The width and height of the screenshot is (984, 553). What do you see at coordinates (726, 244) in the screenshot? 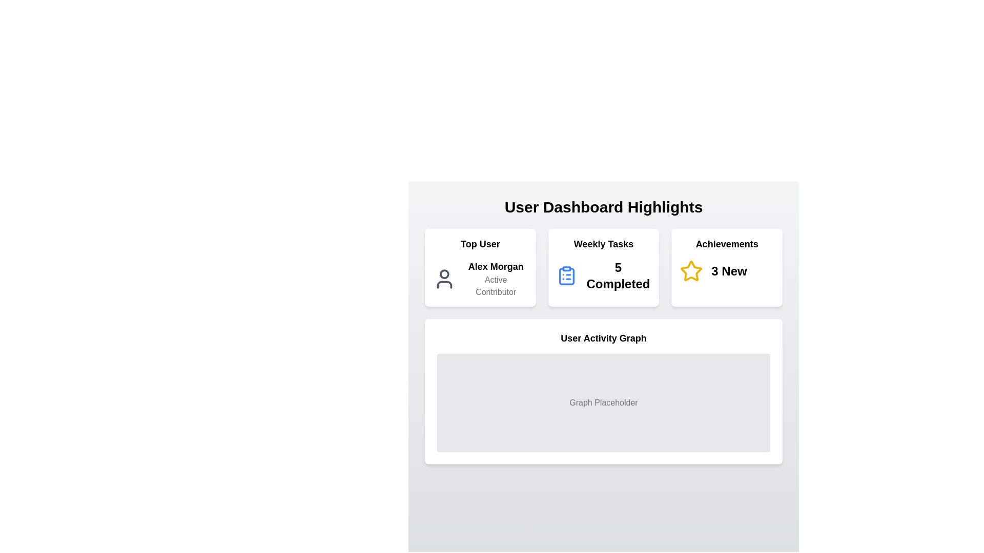
I see `the text label displaying 'Achievements', which is styled in bold and larger font, located at the top of a white card in the 'User Dashboard Highlights' section` at bounding box center [726, 244].